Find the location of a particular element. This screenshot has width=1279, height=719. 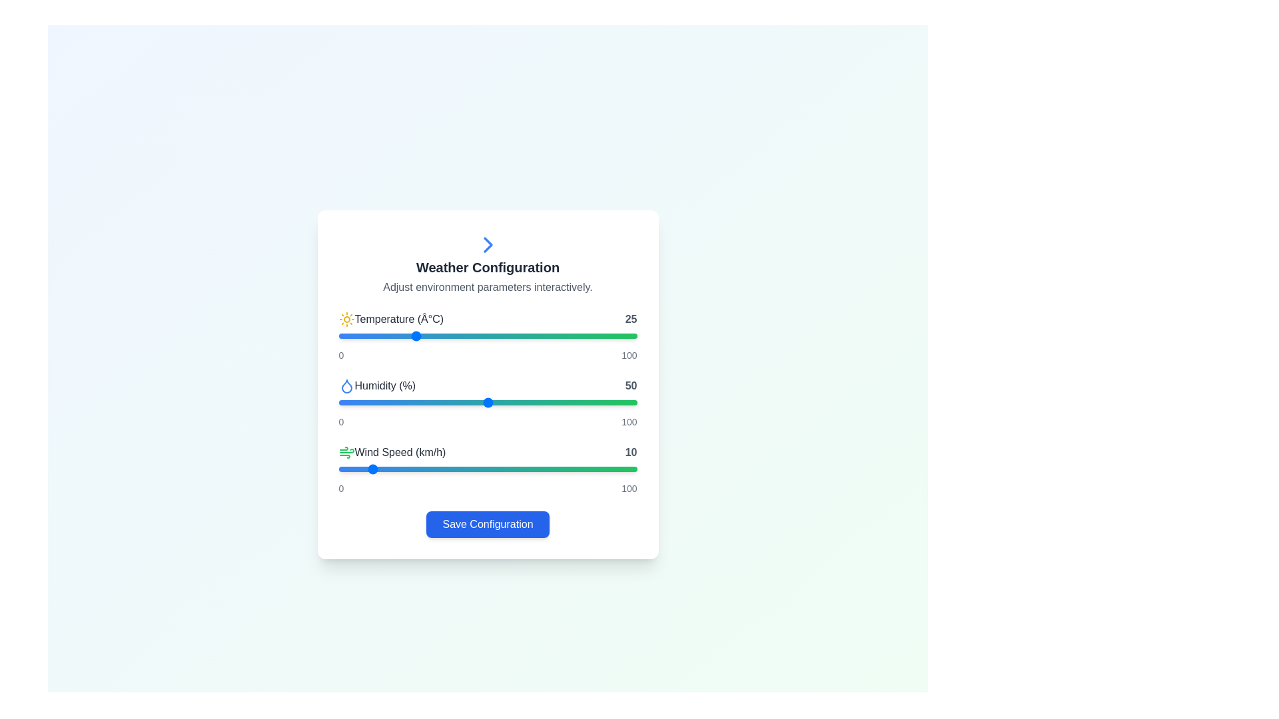

the humidity label with an icon, located on the left side of the weather configuration interface, positioned near the numerical value '50' for humidity, below 'Temperature (°C)' and above 'Wind Speed (km/h) is located at coordinates (376, 385).